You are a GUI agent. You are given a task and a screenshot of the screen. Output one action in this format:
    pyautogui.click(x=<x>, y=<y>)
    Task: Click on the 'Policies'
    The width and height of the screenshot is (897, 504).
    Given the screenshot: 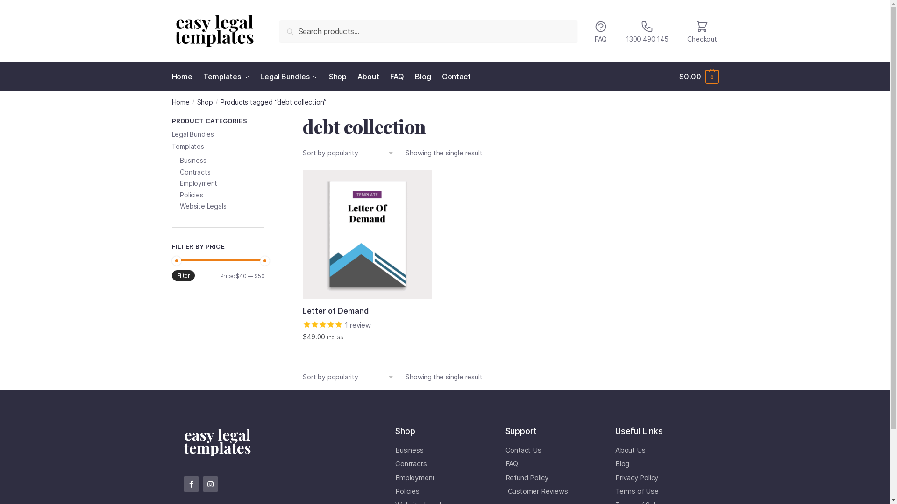 What is the action you would take?
    pyautogui.click(x=440, y=491)
    